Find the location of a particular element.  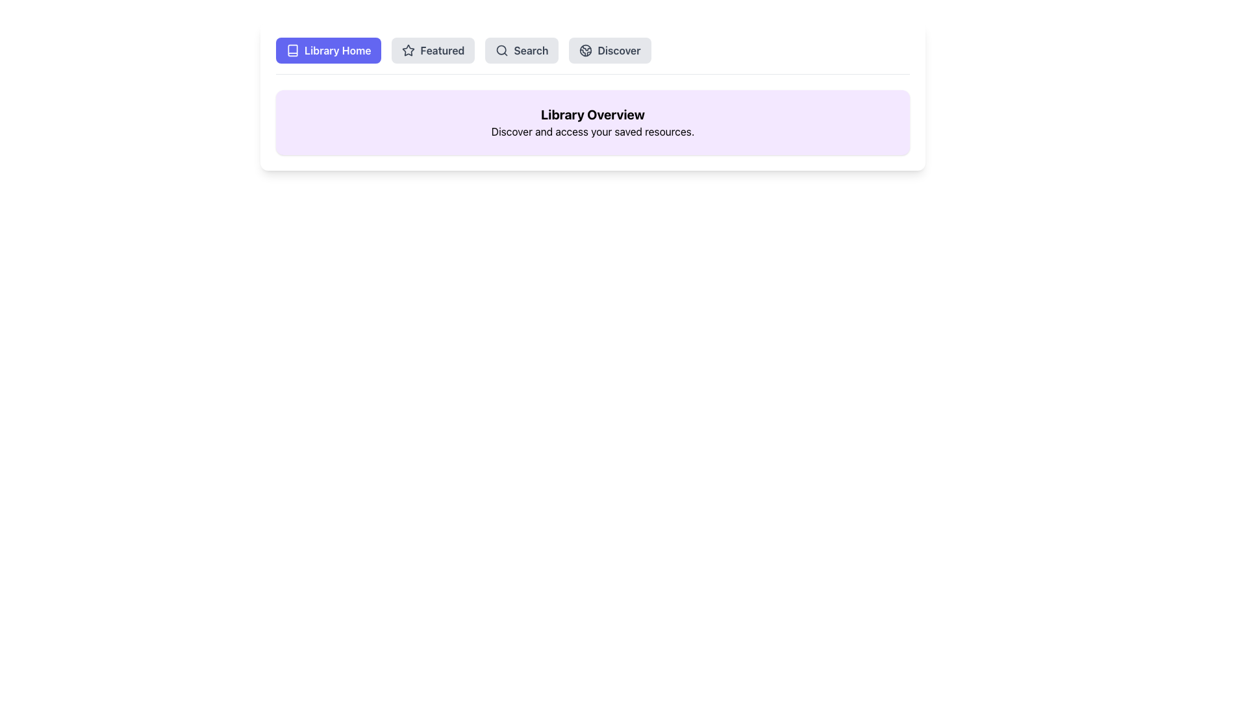

the 'Featured' button which contains the star icon that symbolizes the 'Featured' section, located in the horizontal navigation bar under 'Library Home' is located at coordinates (408, 49).